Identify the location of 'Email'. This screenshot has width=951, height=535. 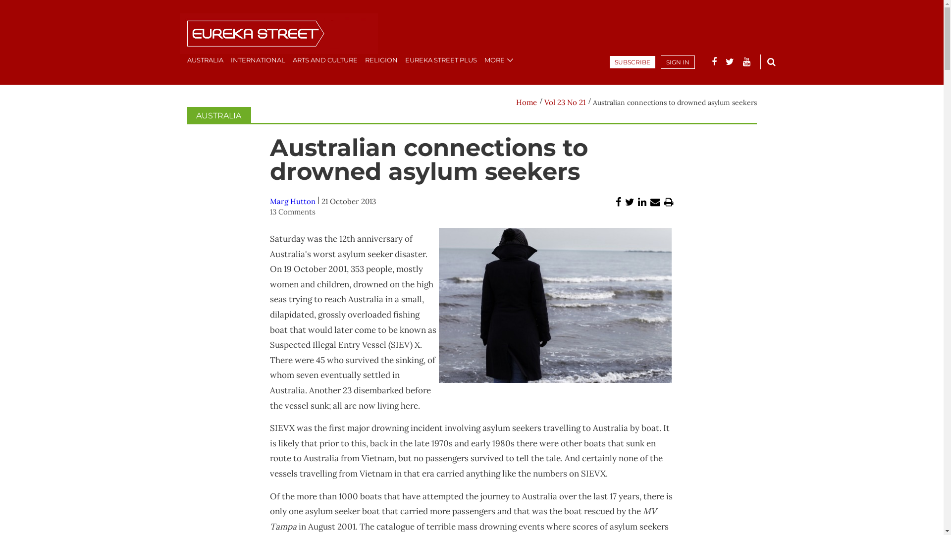
(655, 202).